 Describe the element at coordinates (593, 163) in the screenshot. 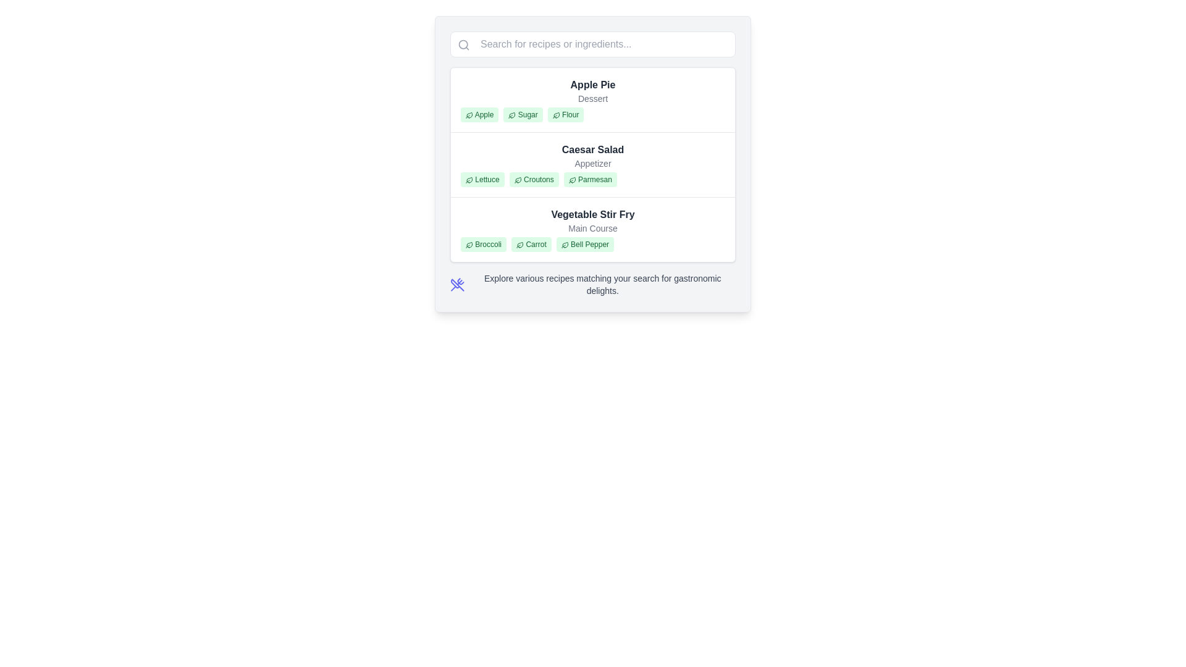

I see `the 'Appetizer' text label located below the title 'Caesar Salad' and above the ingredient tags` at that location.